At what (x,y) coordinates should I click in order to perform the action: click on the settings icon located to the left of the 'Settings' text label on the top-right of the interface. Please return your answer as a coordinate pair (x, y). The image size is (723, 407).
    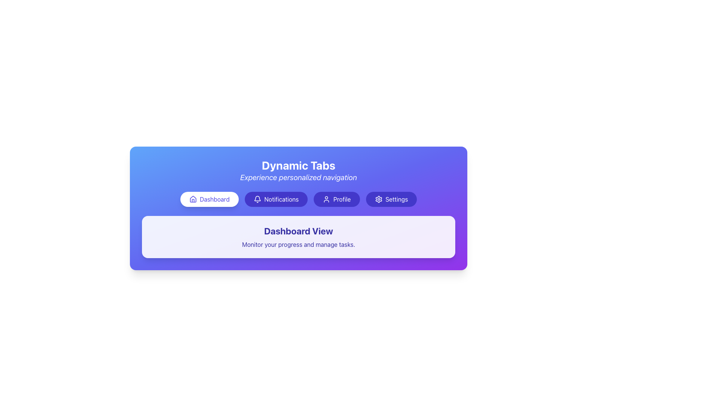
    Looking at the image, I should click on (378, 199).